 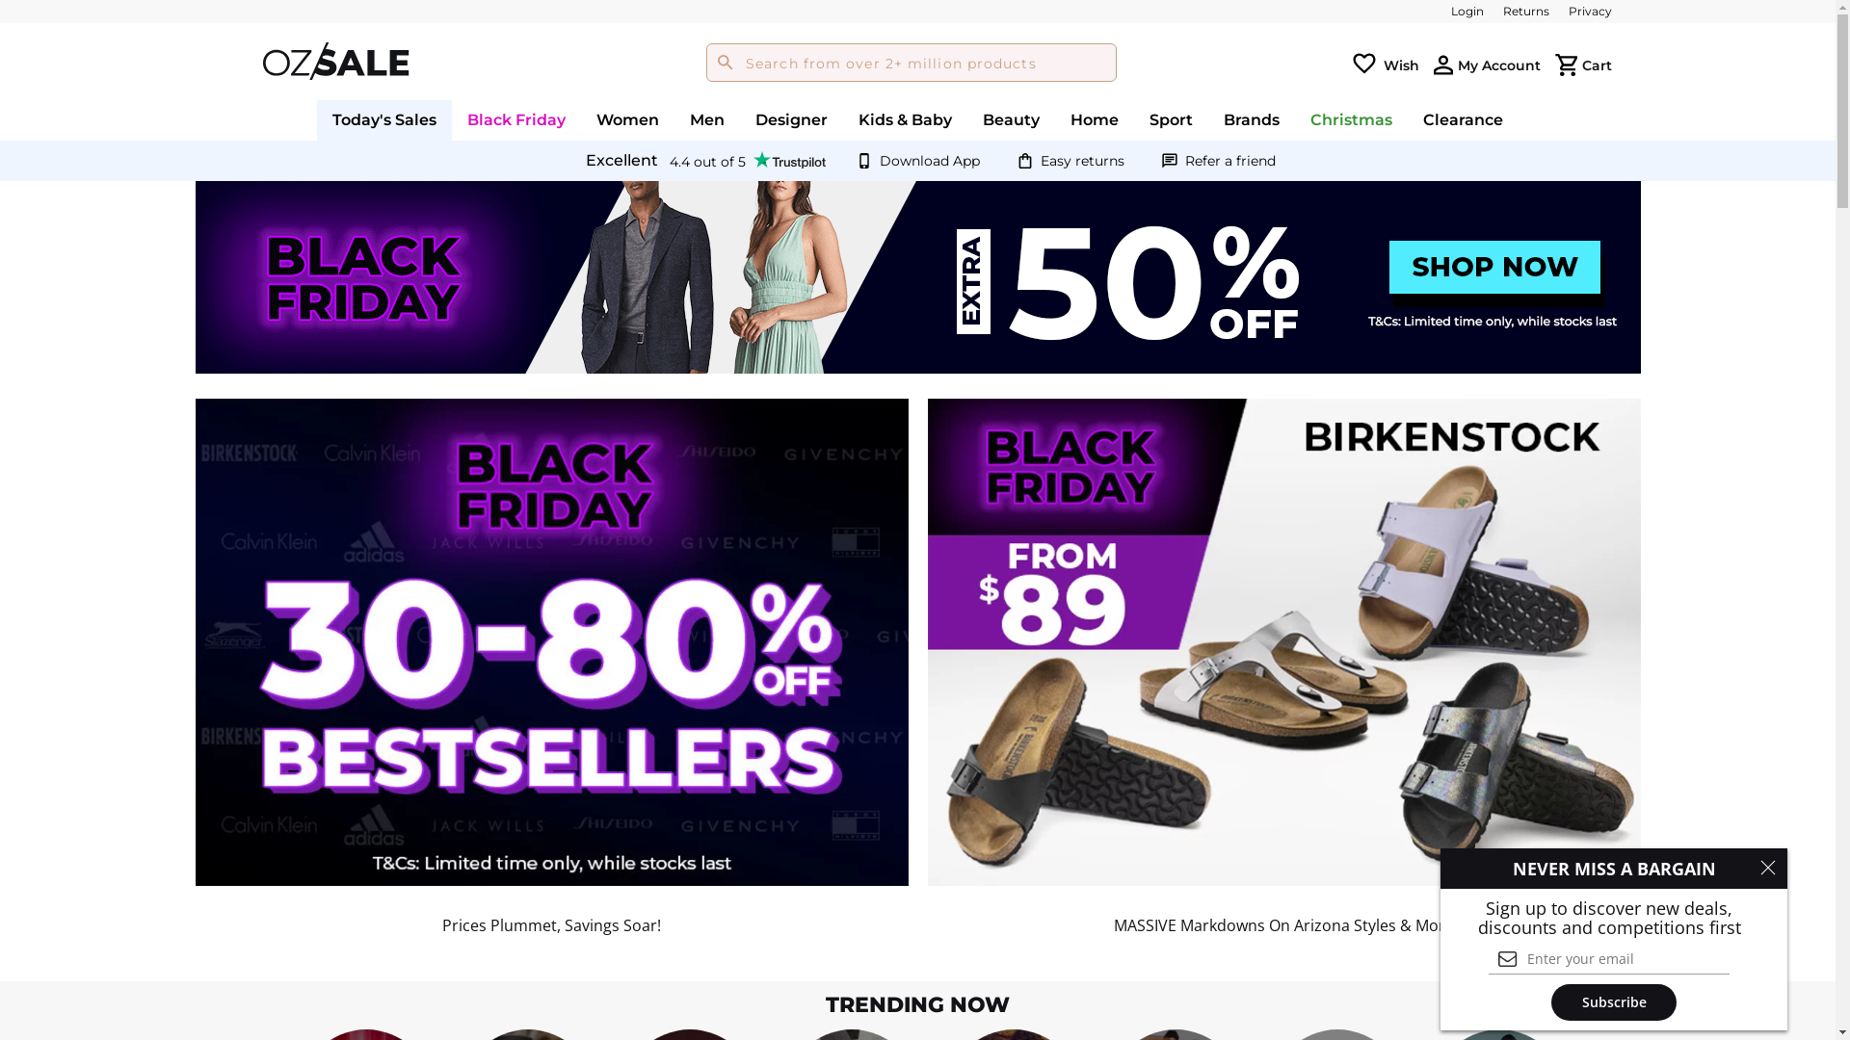 What do you see at coordinates (516, 119) in the screenshot?
I see `'Black Friday'` at bounding box center [516, 119].